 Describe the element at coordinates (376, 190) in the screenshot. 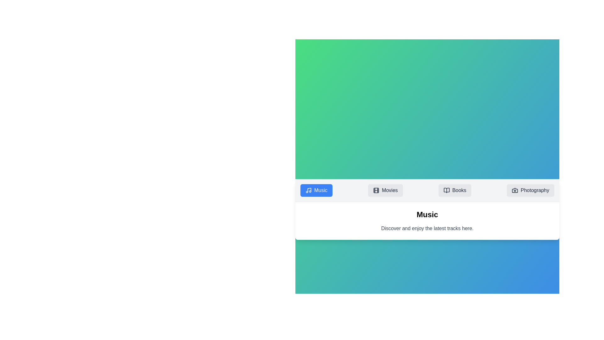

I see `the top-left corner element of the film icon SVG, which is part of a graphical representation of a film or movie reel` at that location.